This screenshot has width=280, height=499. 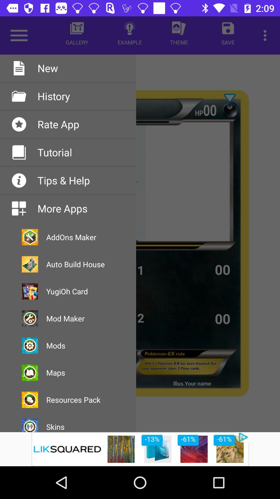 What do you see at coordinates (229, 98) in the screenshot?
I see `the expand_more icon` at bounding box center [229, 98].